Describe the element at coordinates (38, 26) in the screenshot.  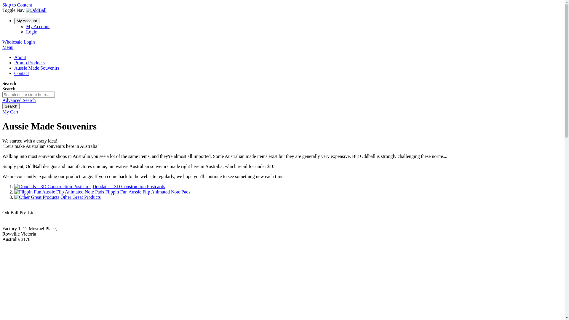
I see `'My Account'` at that location.